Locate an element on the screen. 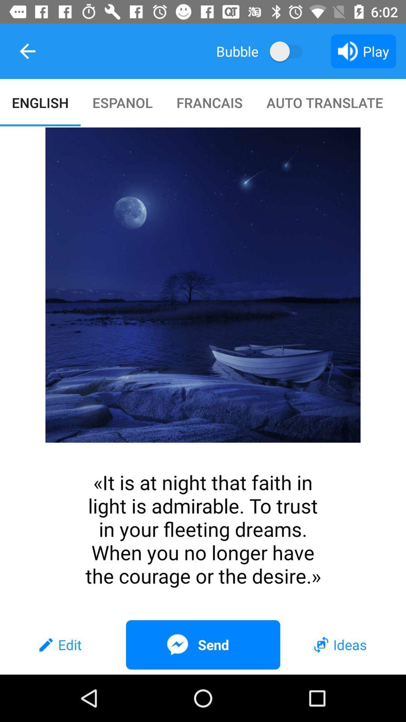 Image resolution: width=406 pixels, height=722 pixels. item at the center is located at coordinates (203, 371).